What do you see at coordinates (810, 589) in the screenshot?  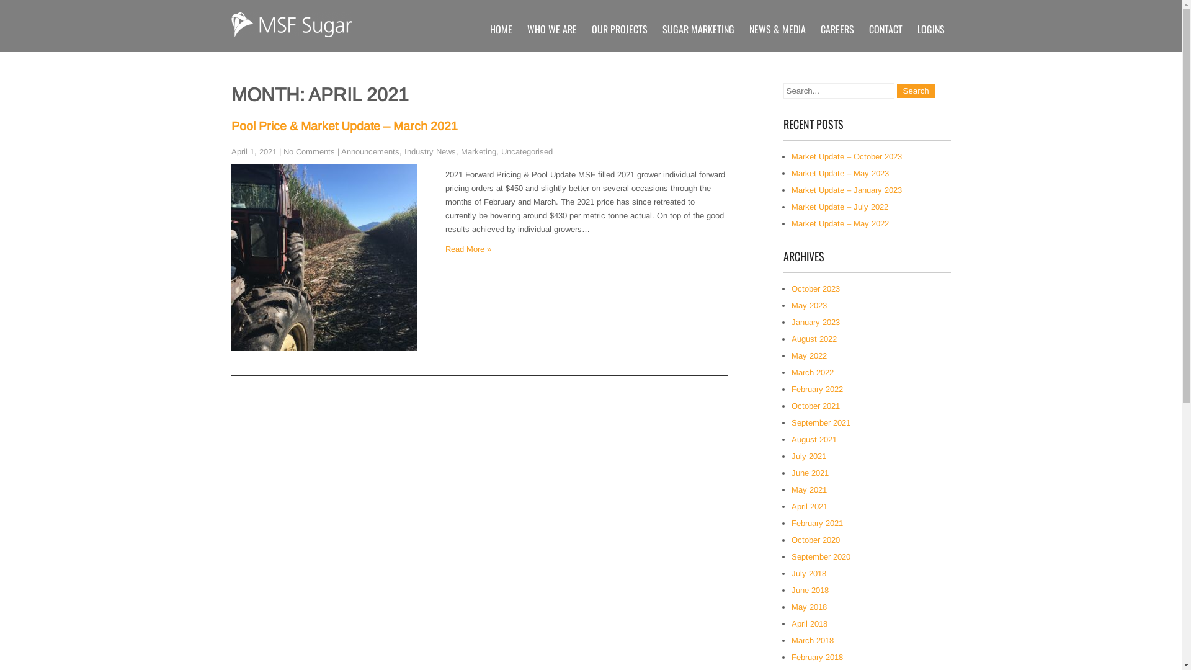 I see `'June 2018'` at bounding box center [810, 589].